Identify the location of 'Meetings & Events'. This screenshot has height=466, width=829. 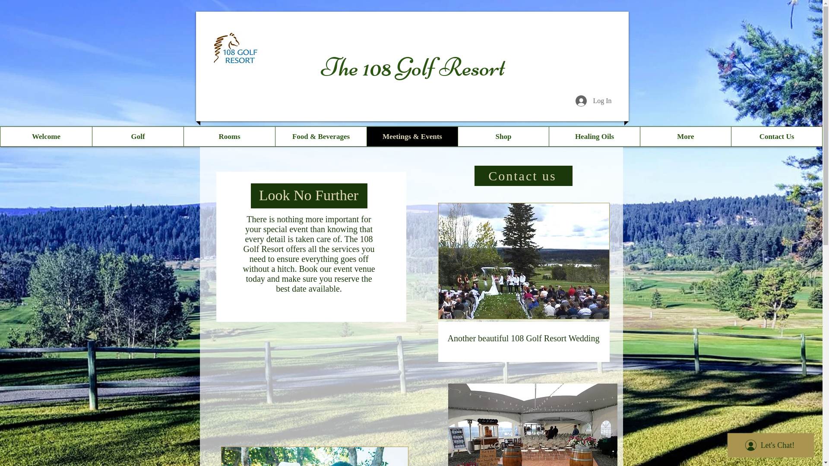
(411, 136).